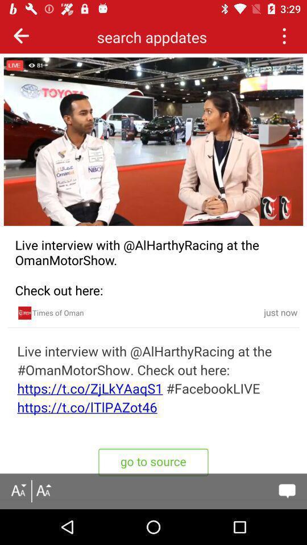 This screenshot has width=307, height=545. What do you see at coordinates (18, 491) in the screenshot?
I see `the font icon` at bounding box center [18, 491].